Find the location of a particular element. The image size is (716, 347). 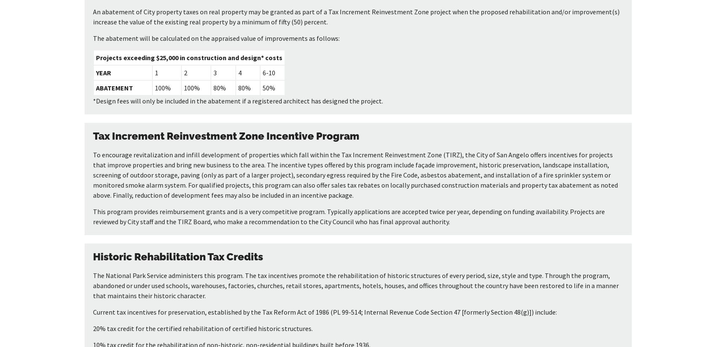

'4' is located at coordinates (239, 73).